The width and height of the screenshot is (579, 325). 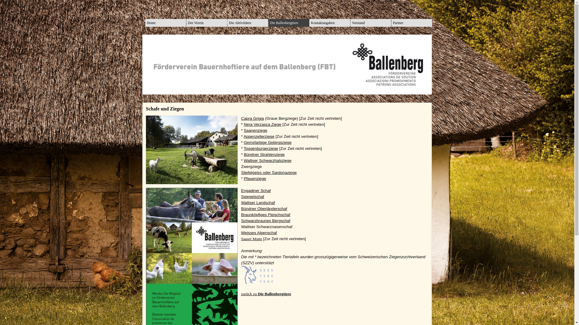 I want to click on 'Spiegelschaf', so click(x=253, y=197).